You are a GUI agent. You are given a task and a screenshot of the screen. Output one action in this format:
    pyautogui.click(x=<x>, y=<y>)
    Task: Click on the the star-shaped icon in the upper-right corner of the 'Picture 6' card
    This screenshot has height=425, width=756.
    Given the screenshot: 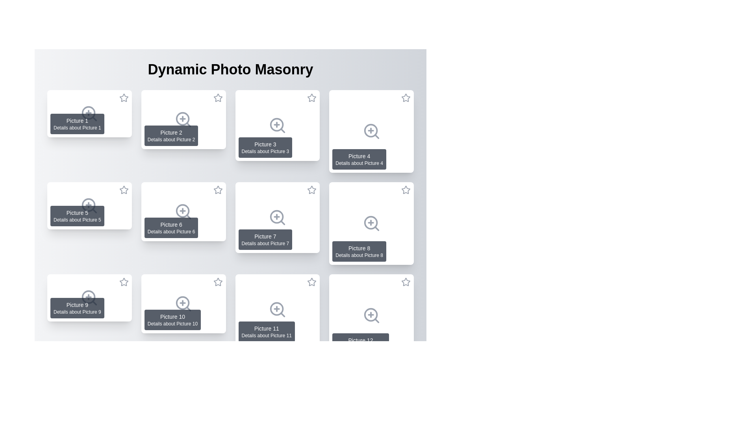 What is the action you would take?
    pyautogui.click(x=218, y=190)
    